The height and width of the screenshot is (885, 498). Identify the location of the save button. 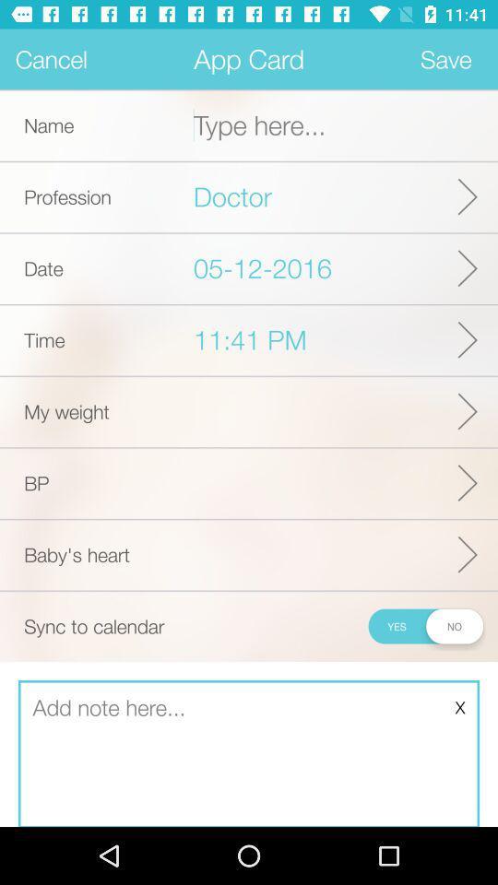
(445, 59).